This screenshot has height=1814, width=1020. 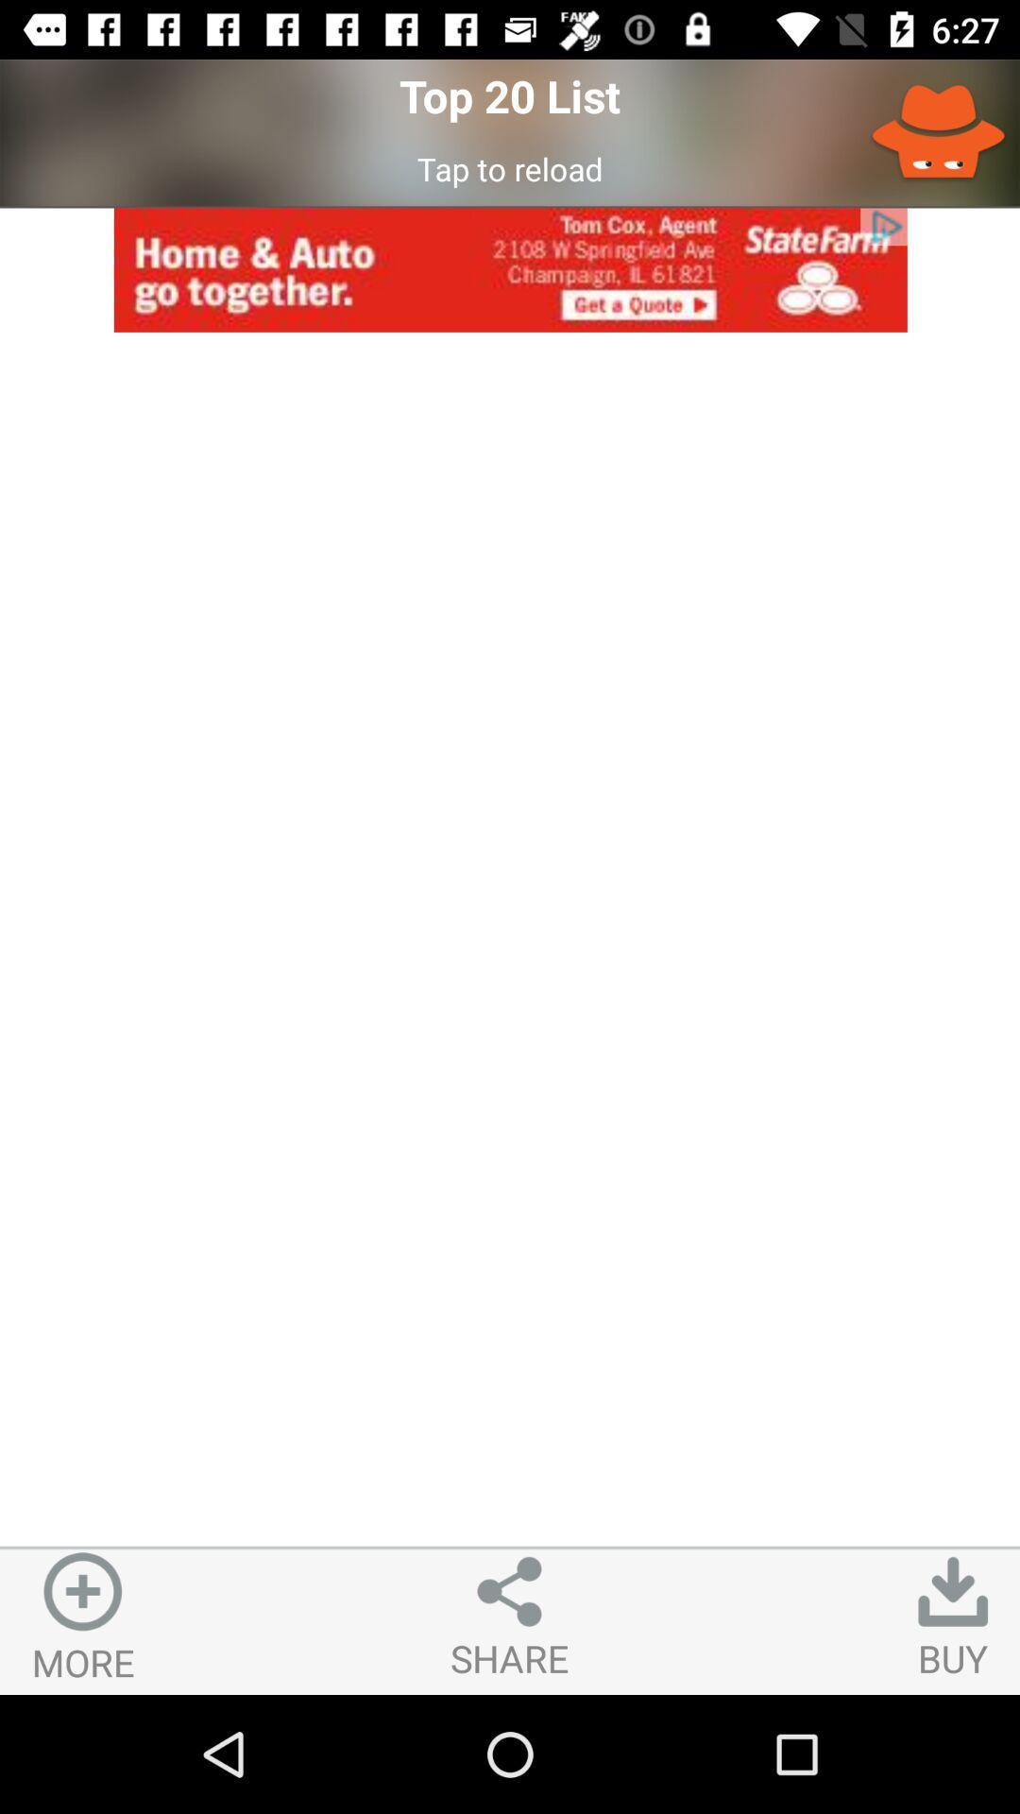 What do you see at coordinates (510, 168) in the screenshot?
I see `tap to reload` at bounding box center [510, 168].